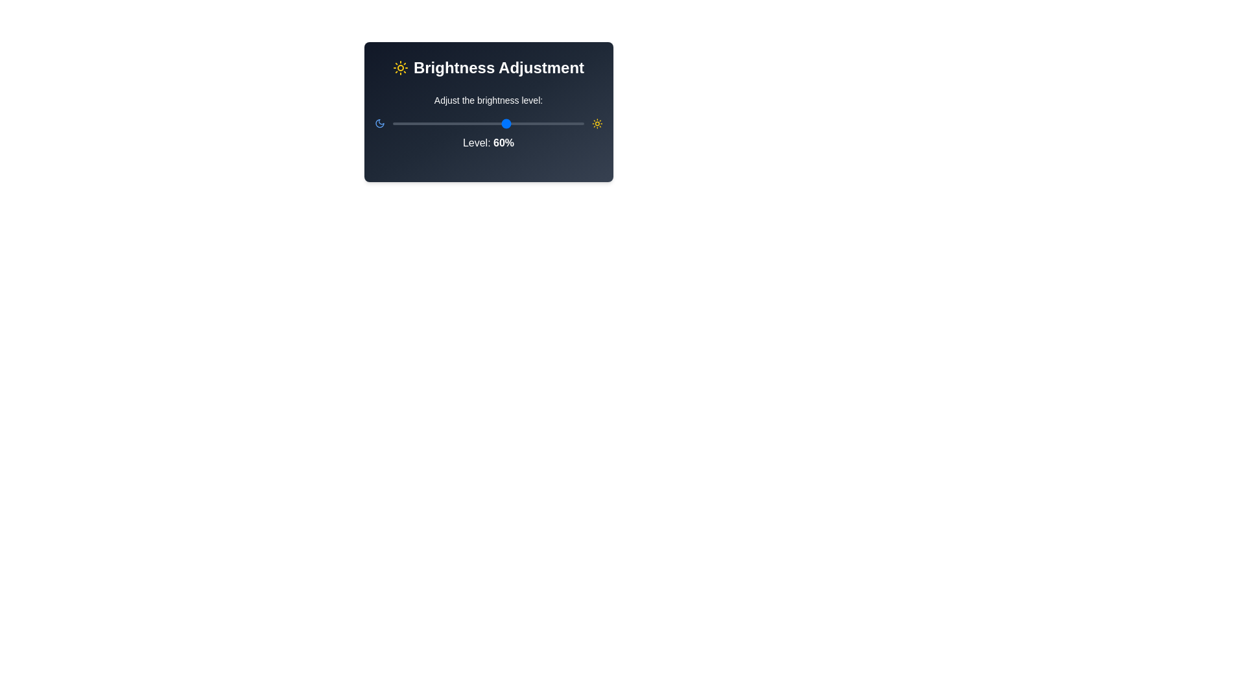  I want to click on the sun icon representing the bright mode adjustment in the brightness control user interface for visual cues, so click(597, 124).